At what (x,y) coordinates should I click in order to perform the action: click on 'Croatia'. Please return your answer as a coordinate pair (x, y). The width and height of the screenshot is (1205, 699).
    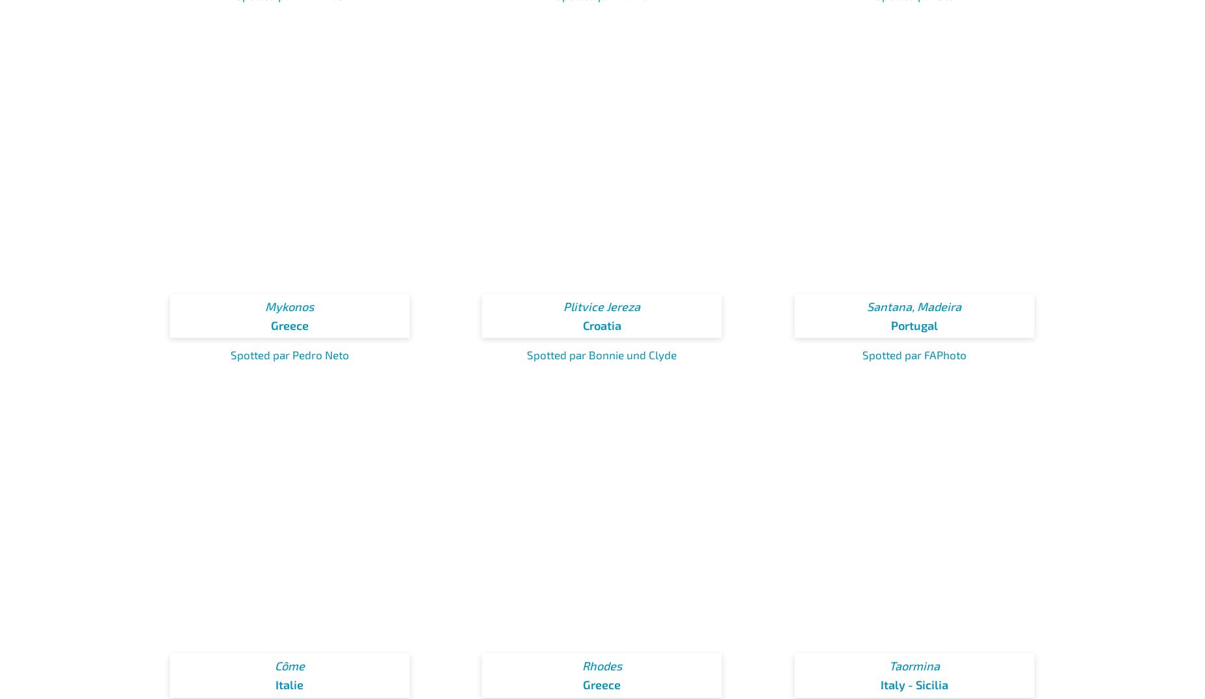
    Looking at the image, I should click on (601, 324).